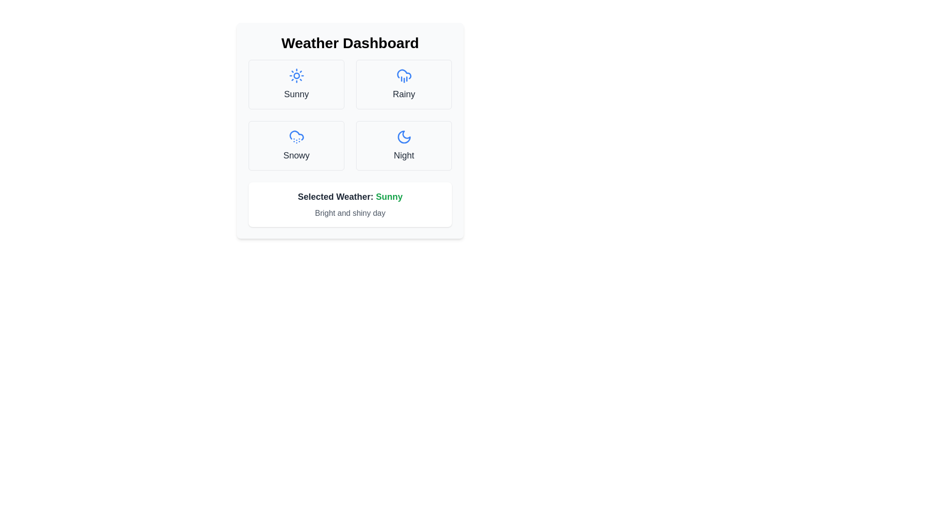 The image size is (934, 525). Describe the element at coordinates (404, 84) in the screenshot. I see `the 'Rainy' weather option button located in the second column of the first row of the grid` at that location.